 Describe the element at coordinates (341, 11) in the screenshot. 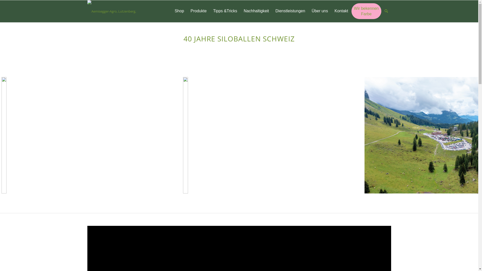

I see `'Kontakt'` at that location.